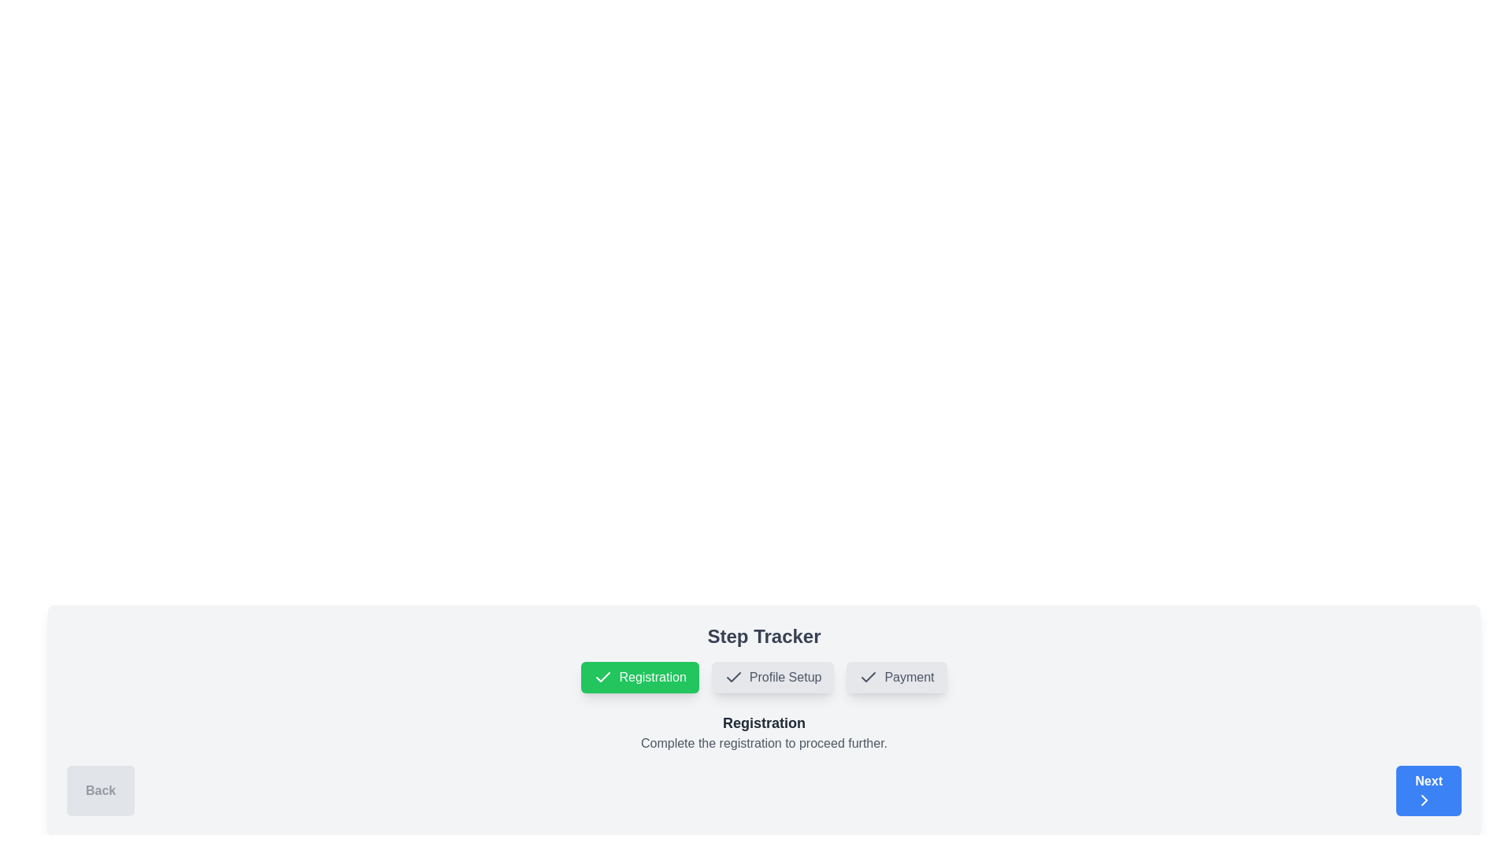  Describe the element at coordinates (764, 732) in the screenshot. I see `the Text Display Section that shows 'Registration' and provides instructions to complete the registration process` at that location.